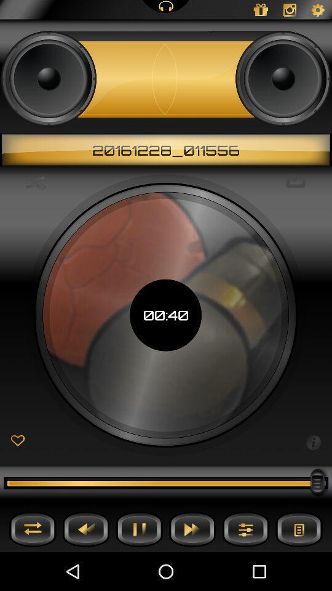 The image size is (332, 591). What do you see at coordinates (313, 441) in the screenshot?
I see `show information` at bounding box center [313, 441].